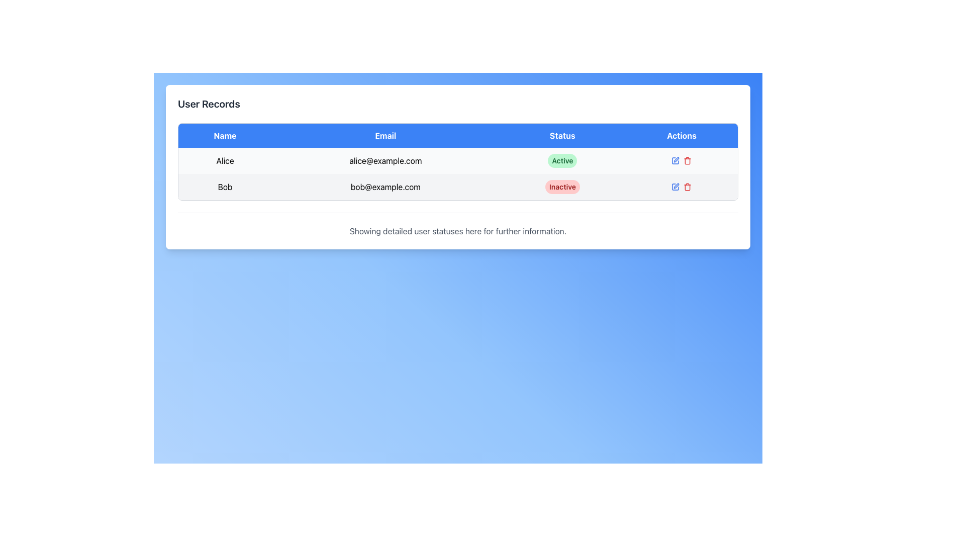 This screenshot has width=965, height=543. What do you see at coordinates (224, 160) in the screenshot?
I see `the Text Label displaying the user's name in the first column of the table, which is aligned with the email 'alice@example.com' and status 'Active'` at bounding box center [224, 160].